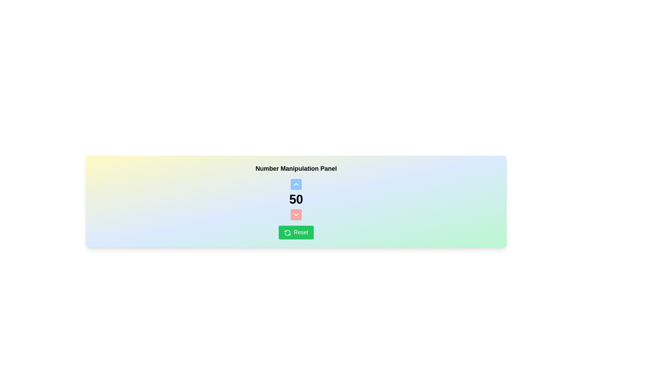 Image resolution: width=659 pixels, height=371 pixels. What do you see at coordinates (296, 214) in the screenshot?
I see `the decrement button icon located below the displayed number '50' in the number manipulation panel` at bounding box center [296, 214].